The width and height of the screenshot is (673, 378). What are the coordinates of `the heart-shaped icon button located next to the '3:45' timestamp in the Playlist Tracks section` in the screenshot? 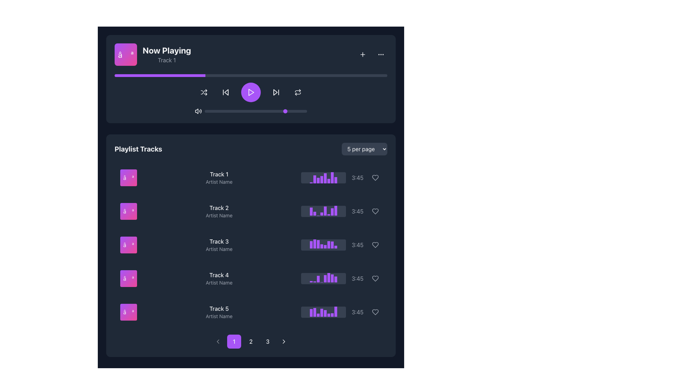 It's located at (375, 211).